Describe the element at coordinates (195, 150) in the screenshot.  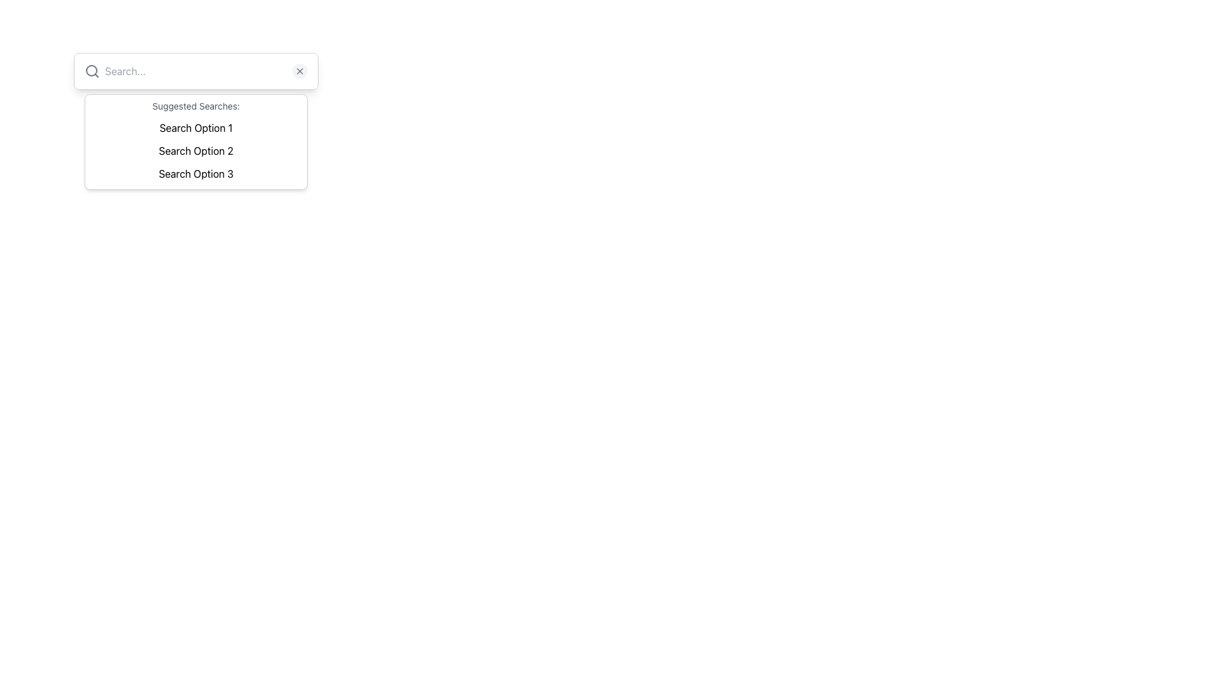
I see `the text label reading 'Search Option 2'` at that location.